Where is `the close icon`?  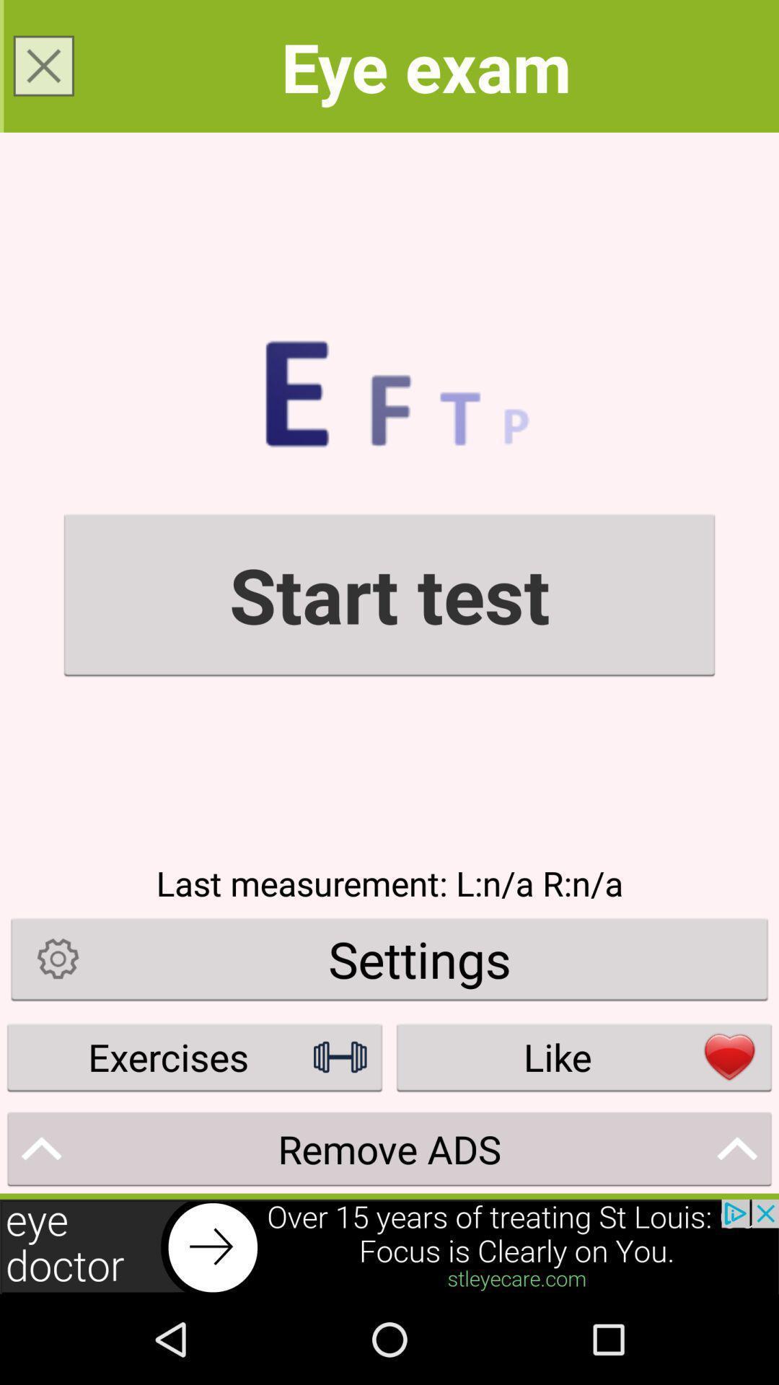
the close icon is located at coordinates (43, 65).